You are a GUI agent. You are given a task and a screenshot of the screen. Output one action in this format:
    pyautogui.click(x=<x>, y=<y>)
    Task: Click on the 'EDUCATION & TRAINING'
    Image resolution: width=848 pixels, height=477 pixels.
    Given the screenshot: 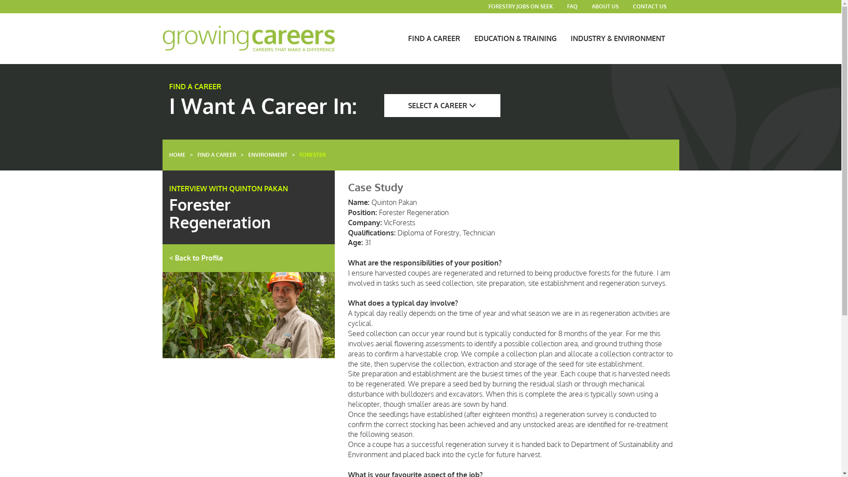 What is the action you would take?
    pyautogui.click(x=474, y=38)
    